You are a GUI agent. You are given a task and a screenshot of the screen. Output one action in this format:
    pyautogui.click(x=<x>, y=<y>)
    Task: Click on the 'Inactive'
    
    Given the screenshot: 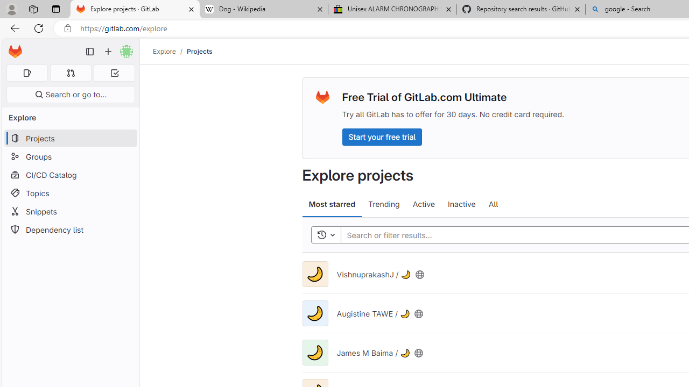 What is the action you would take?
    pyautogui.click(x=462, y=204)
    